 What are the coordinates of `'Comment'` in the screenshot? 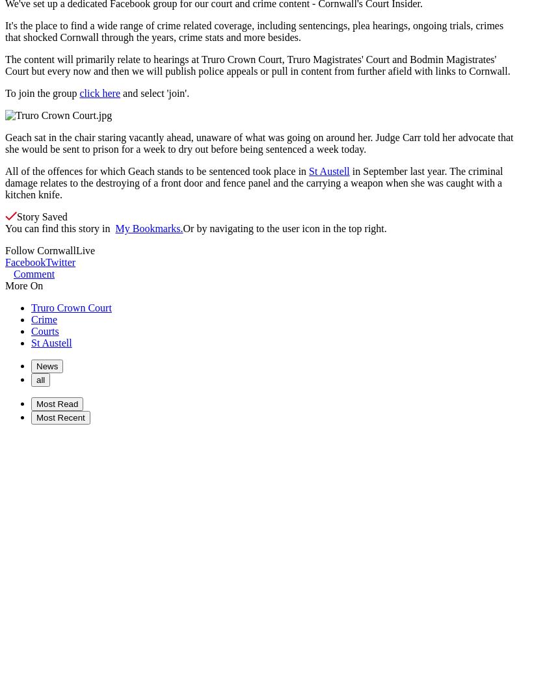 It's located at (33, 273).